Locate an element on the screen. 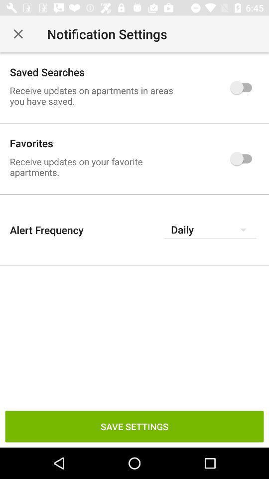 The width and height of the screenshot is (269, 479). saved searches is located at coordinates (243, 87).